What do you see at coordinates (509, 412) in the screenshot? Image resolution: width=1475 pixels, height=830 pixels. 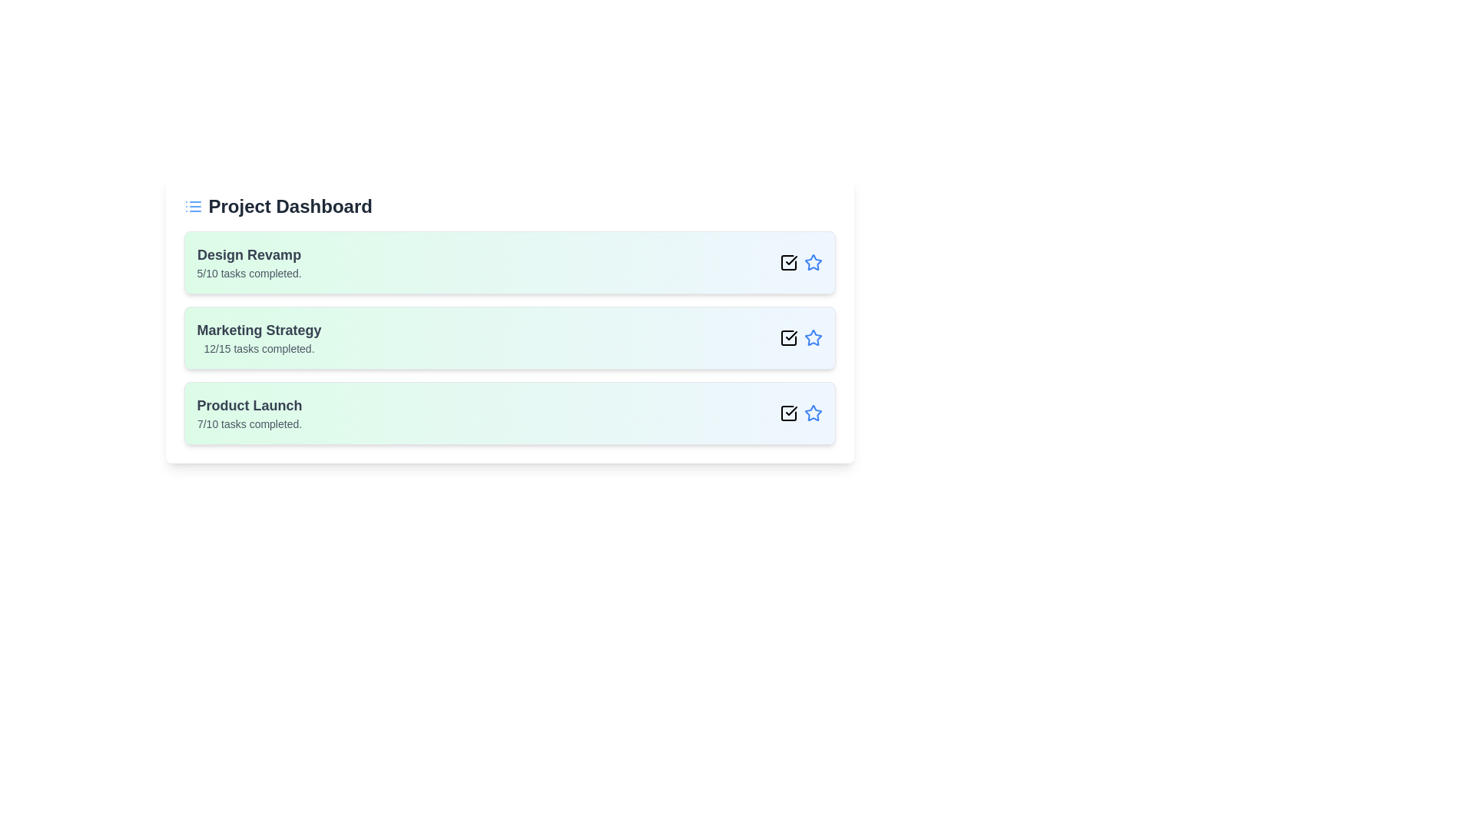 I see `the project item corresponding to Product Launch` at bounding box center [509, 412].